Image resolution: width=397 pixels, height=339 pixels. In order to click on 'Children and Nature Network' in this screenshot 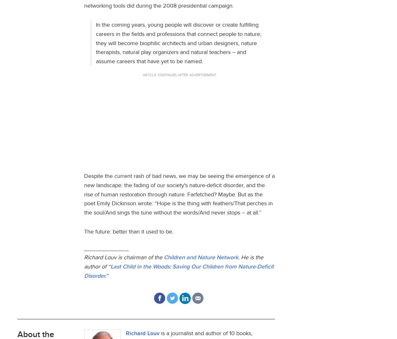, I will do `click(164, 257)`.